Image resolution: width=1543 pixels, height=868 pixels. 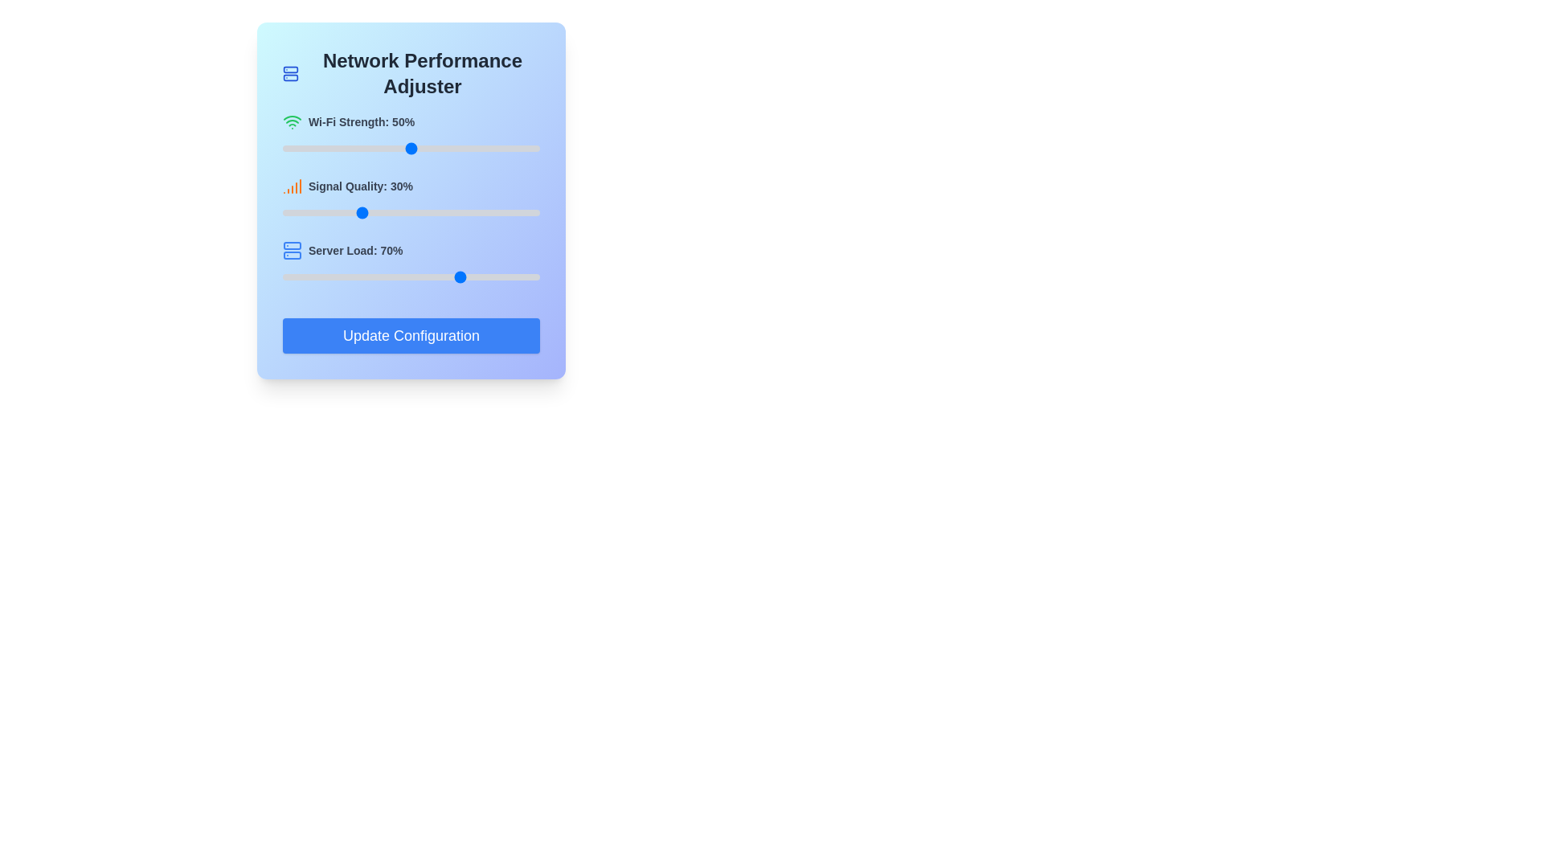 I want to click on the server load slider, so click(x=469, y=276).